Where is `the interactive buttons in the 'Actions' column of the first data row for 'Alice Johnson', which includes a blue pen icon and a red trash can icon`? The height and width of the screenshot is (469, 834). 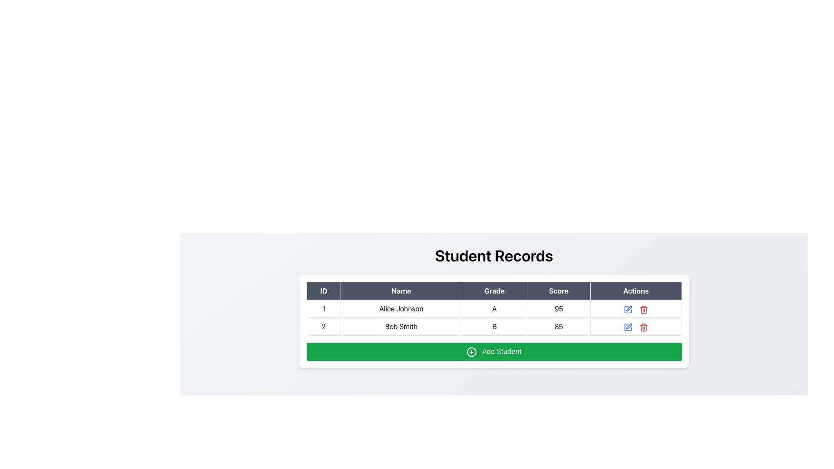 the interactive buttons in the 'Actions' column of the first data row for 'Alice Johnson', which includes a blue pen icon and a red trash can icon is located at coordinates (636, 308).